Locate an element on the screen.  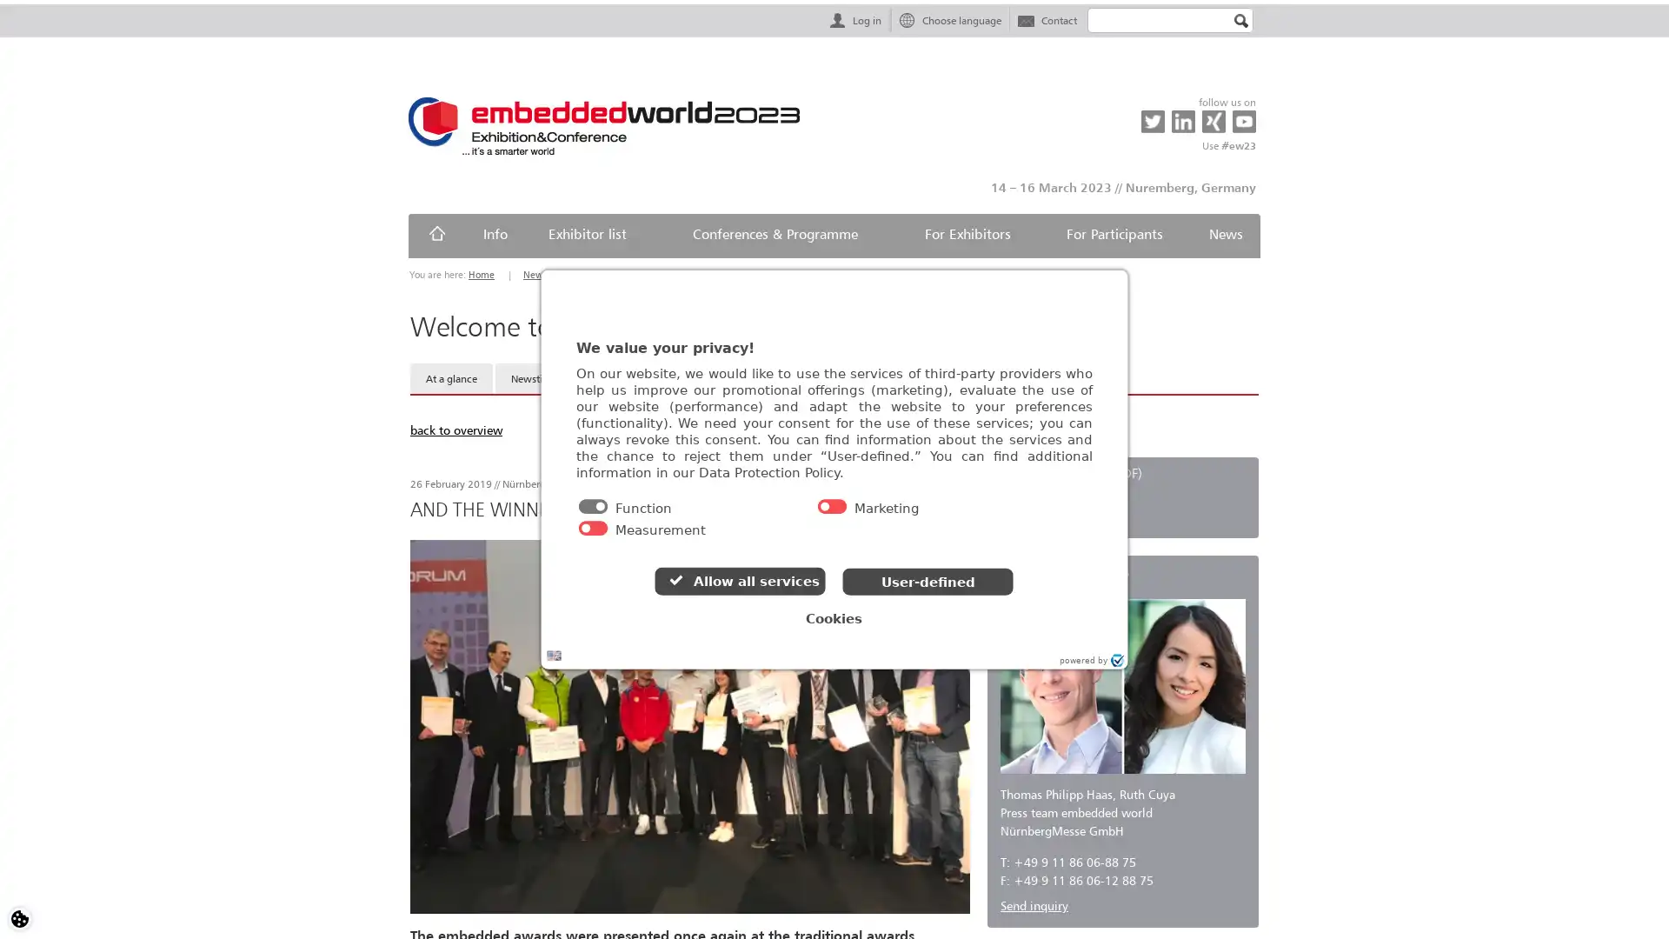
Videos is located at coordinates (770, 377).